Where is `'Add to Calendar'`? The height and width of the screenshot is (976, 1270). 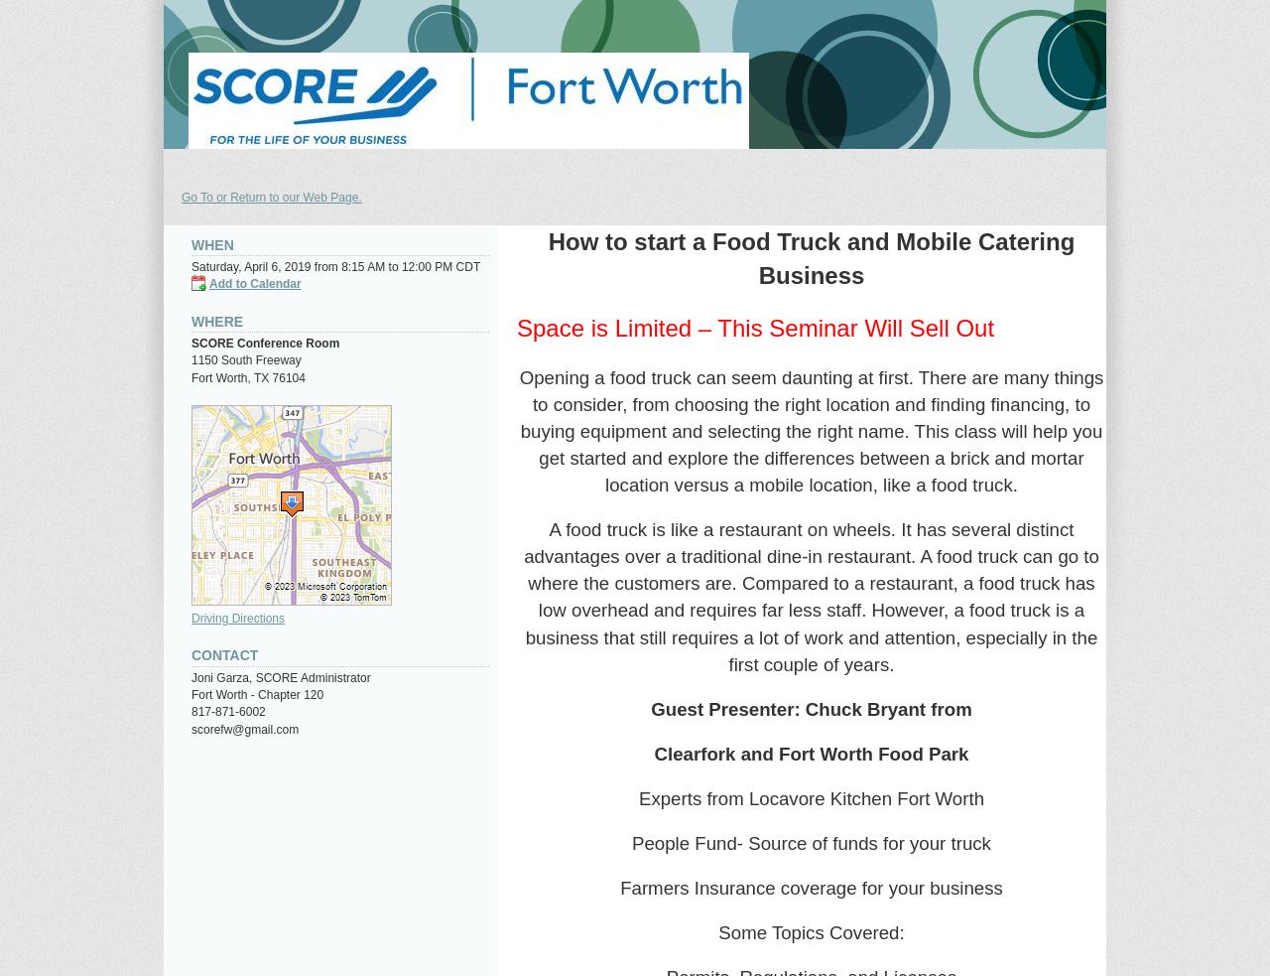 'Add to Calendar' is located at coordinates (254, 283).